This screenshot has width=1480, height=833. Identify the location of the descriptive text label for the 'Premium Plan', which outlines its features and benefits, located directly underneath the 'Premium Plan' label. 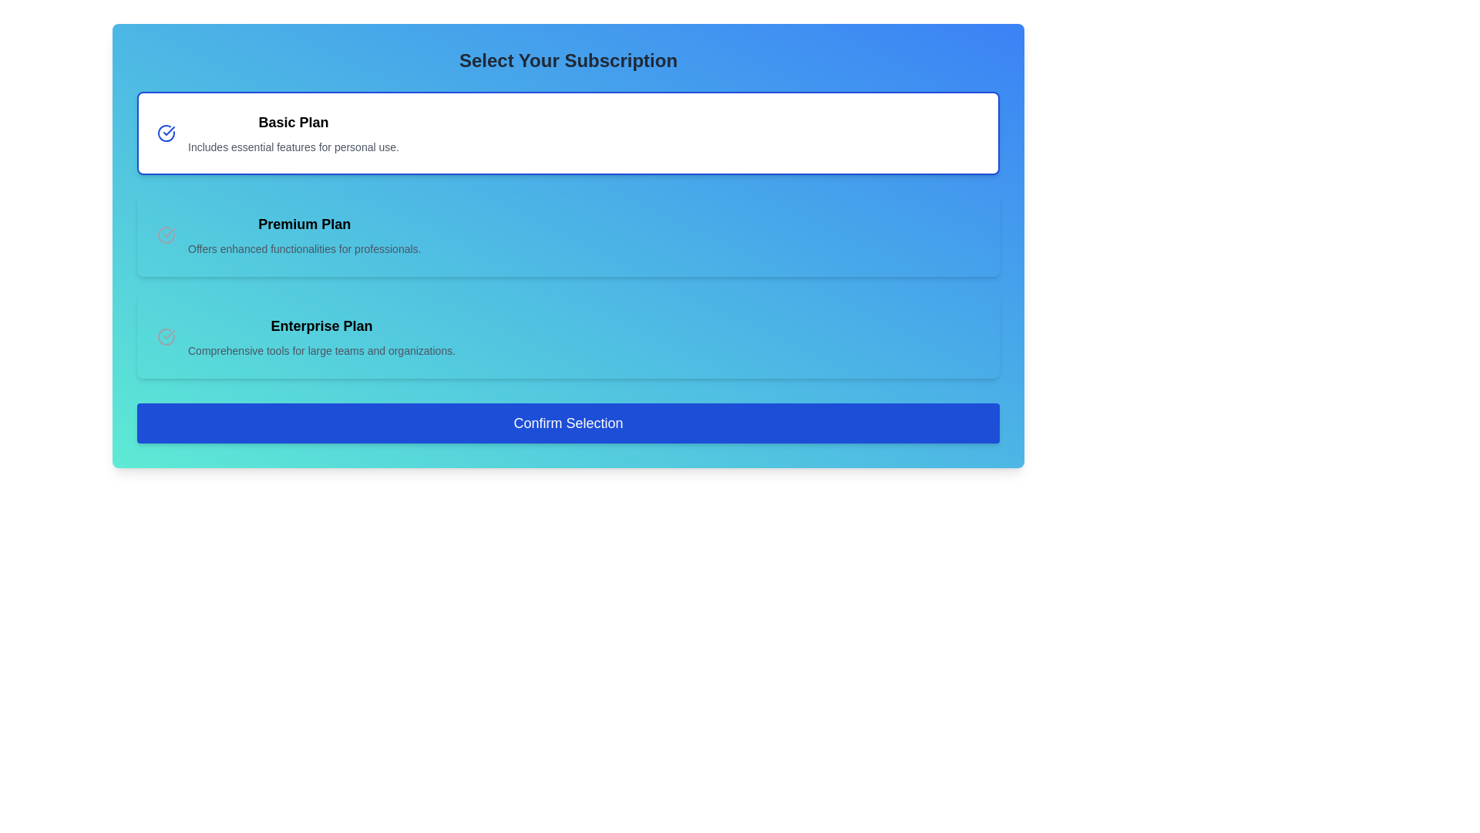
(304, 248).